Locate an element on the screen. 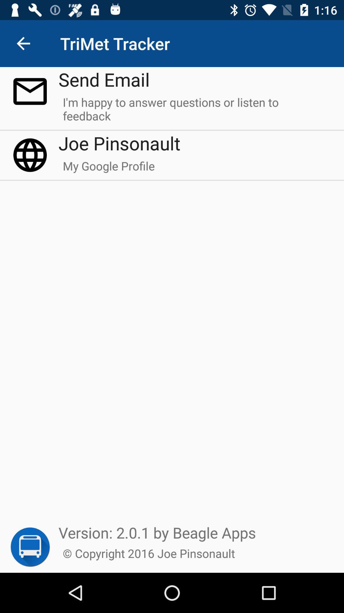 The height and width of the screenshot is (613, 344). the item above the joe pinsonault is located at coordinates (195, 112).